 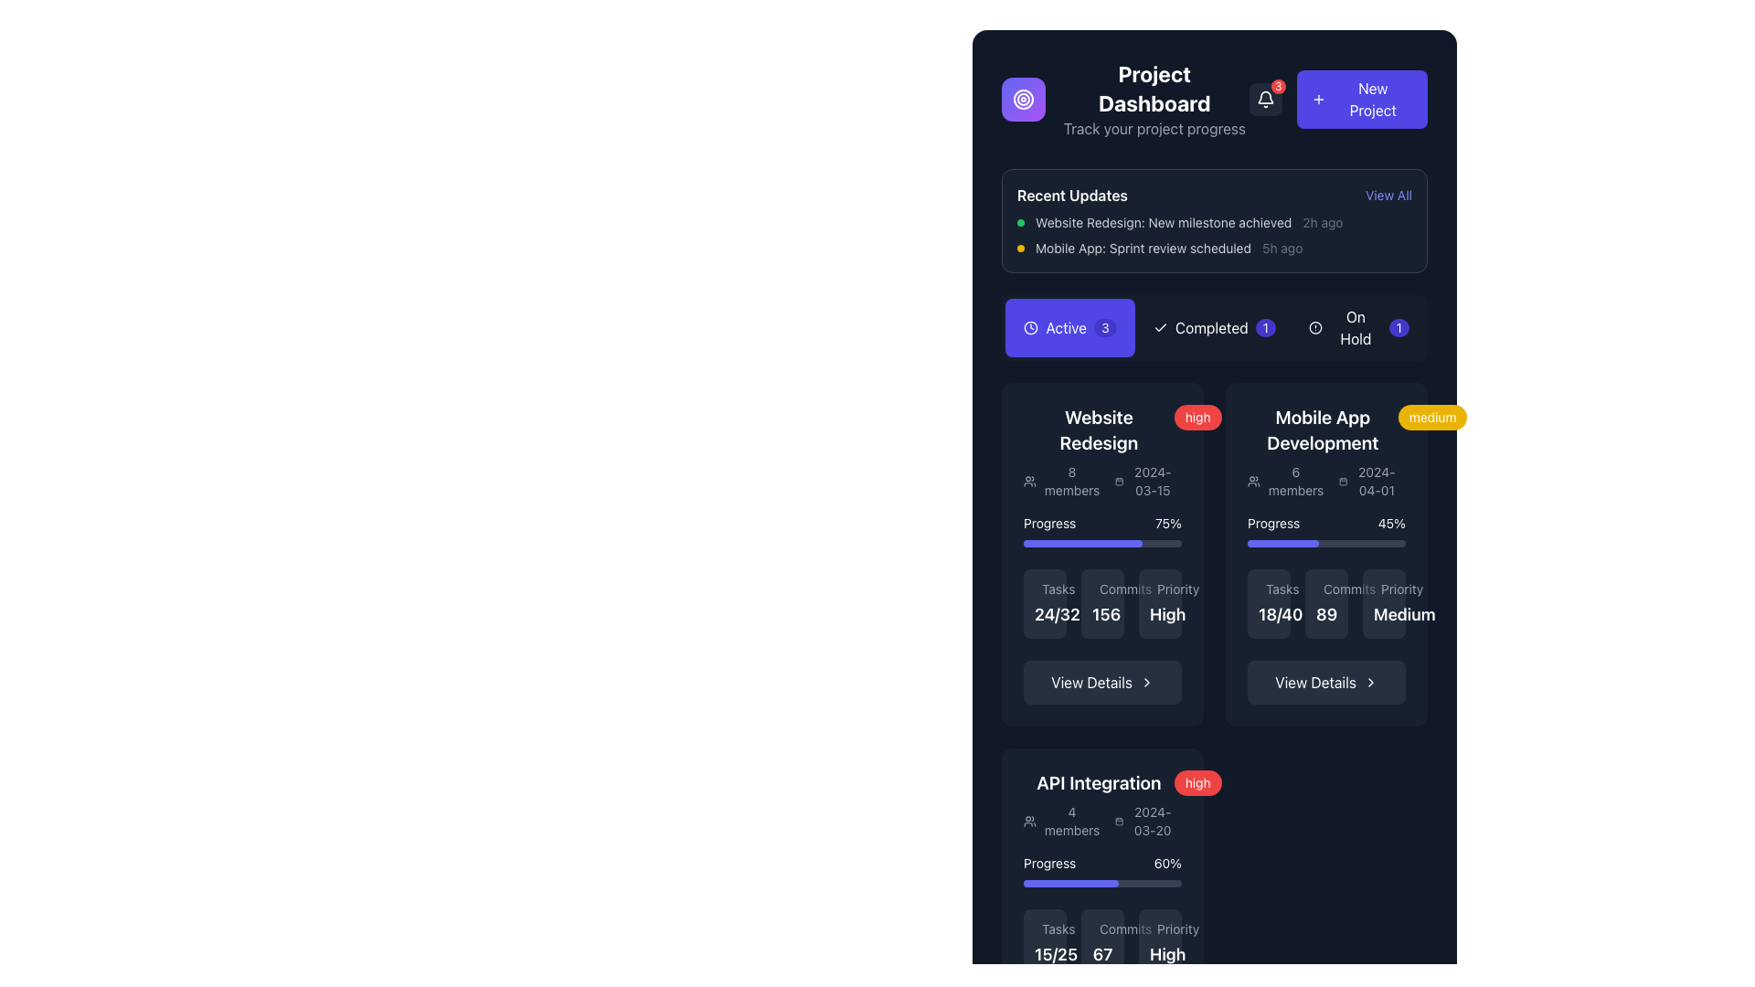 What do you see at coordinates (1326, 589) in the screenshot?
I see `the 'Commits' text label displayed in small gray font next to the branch icon within the project details card for 'Mobile App Development'` at bounding box center [1326, 589].